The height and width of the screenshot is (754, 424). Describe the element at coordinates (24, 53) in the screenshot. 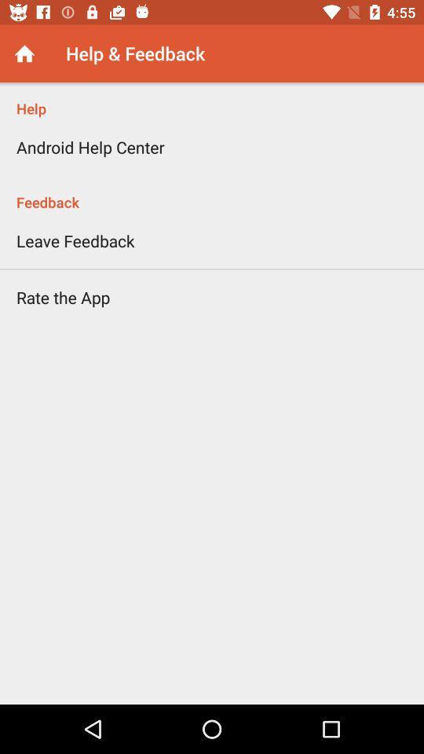

I see `the icon next to help & feedback item` at that location.